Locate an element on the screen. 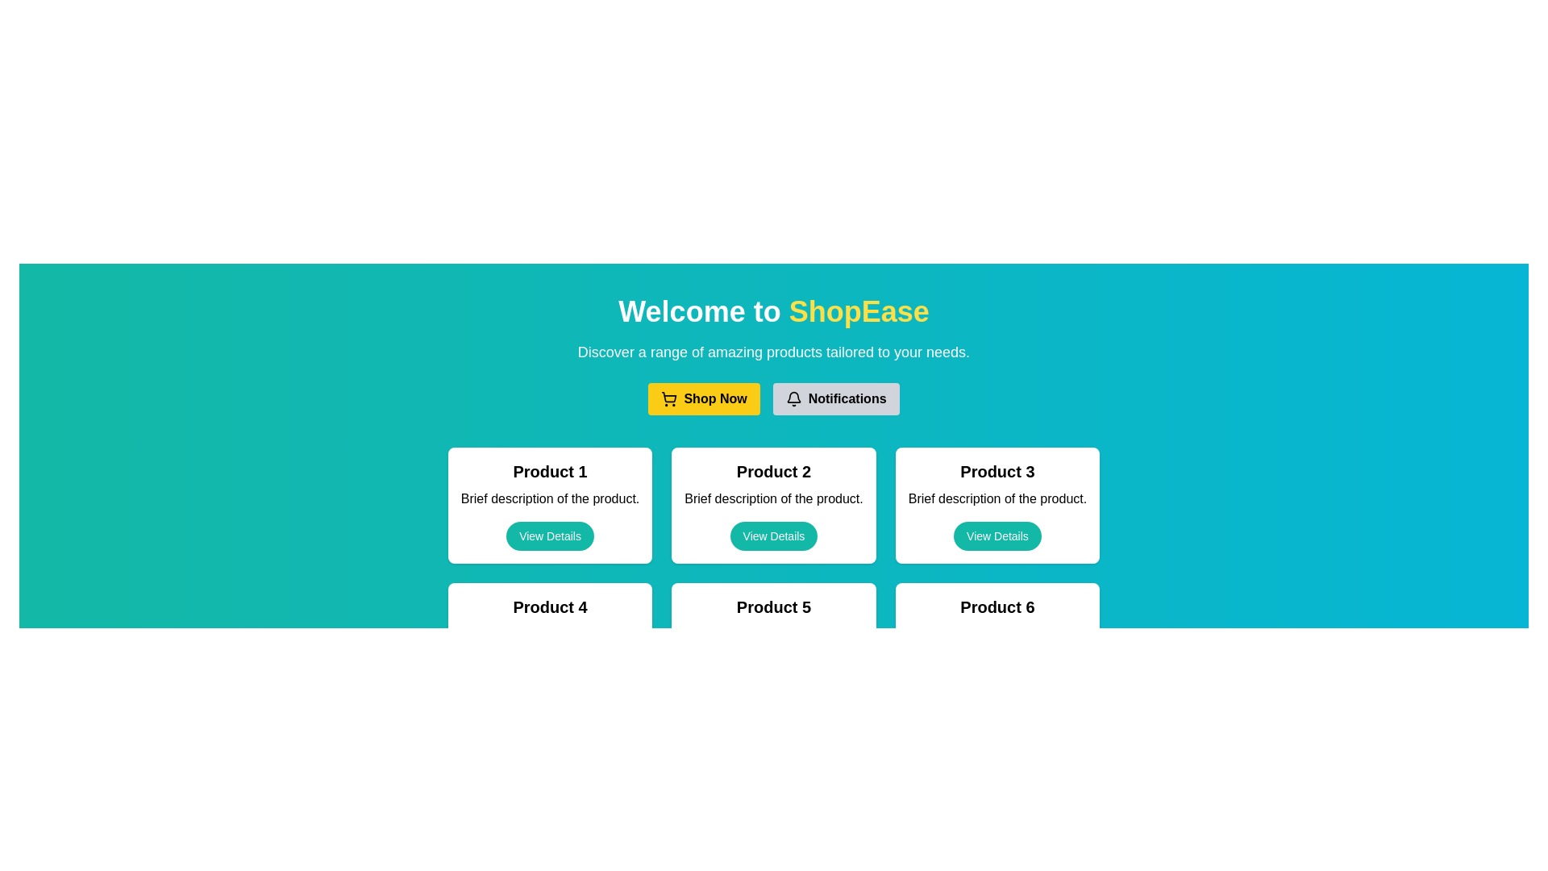 This screenshot has width=1548, height=871. the pill-shaped button with a teal background and white text reading 'View Details' located at the bottom of the card for 'Product 2' is located at coordinates (774, 536).